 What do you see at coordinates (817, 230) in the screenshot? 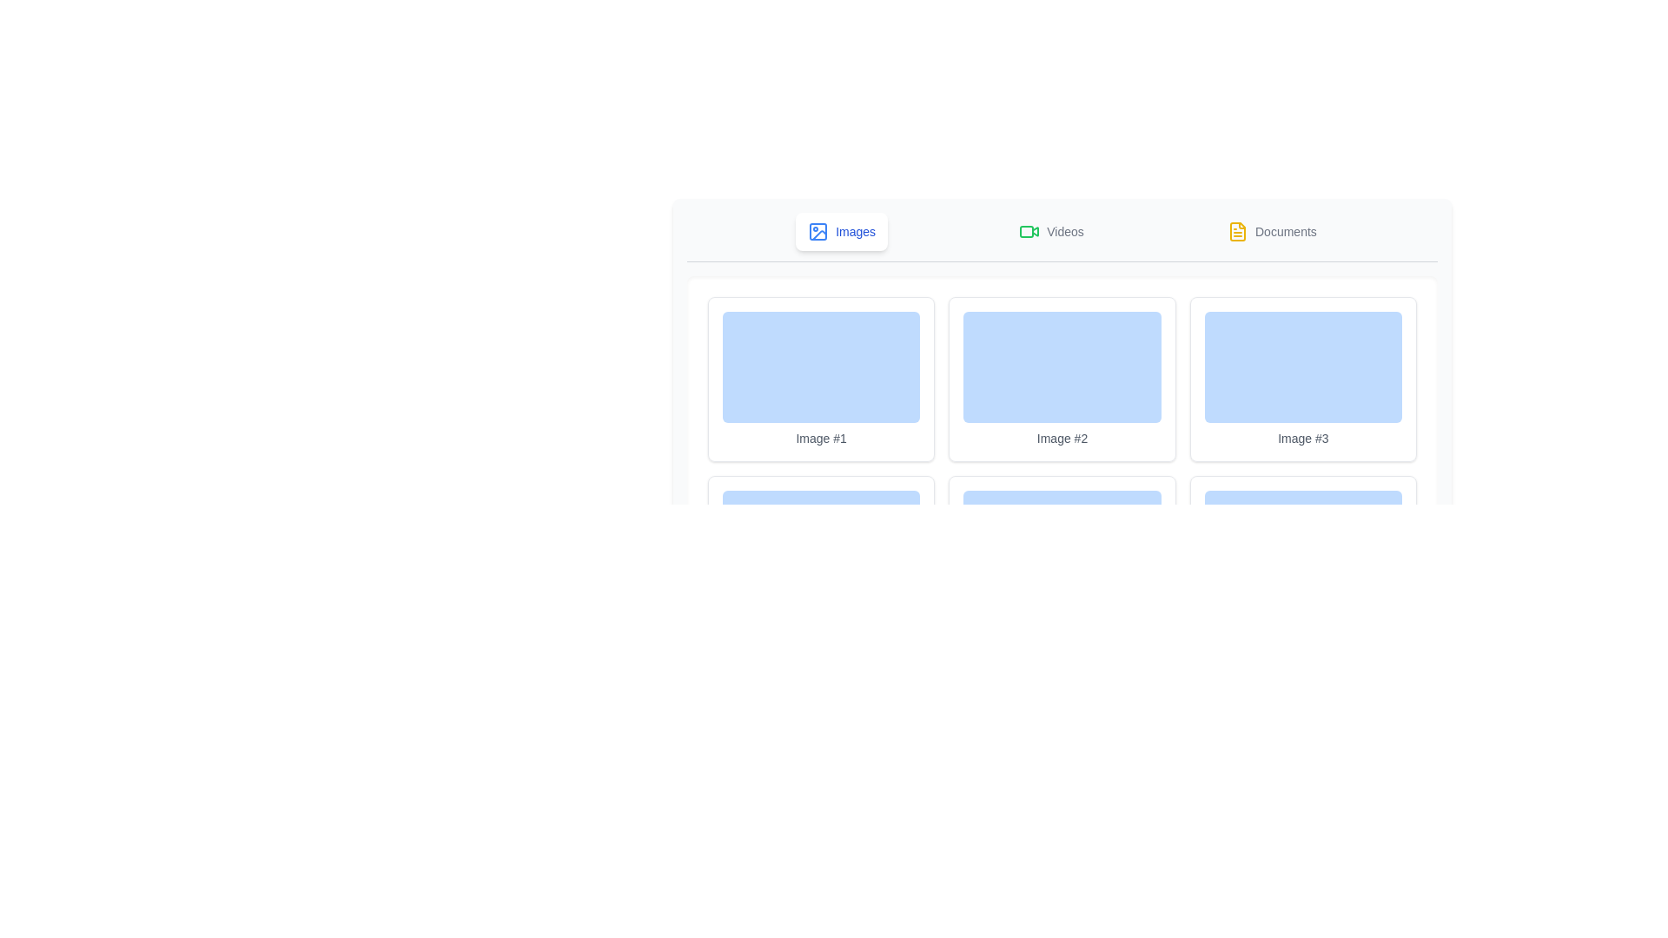
I see `the 'Images' icon located at the top-left section of the interface, which serves as a visual representation for selecting the 'Images' section` at bounding box center [817, 230].